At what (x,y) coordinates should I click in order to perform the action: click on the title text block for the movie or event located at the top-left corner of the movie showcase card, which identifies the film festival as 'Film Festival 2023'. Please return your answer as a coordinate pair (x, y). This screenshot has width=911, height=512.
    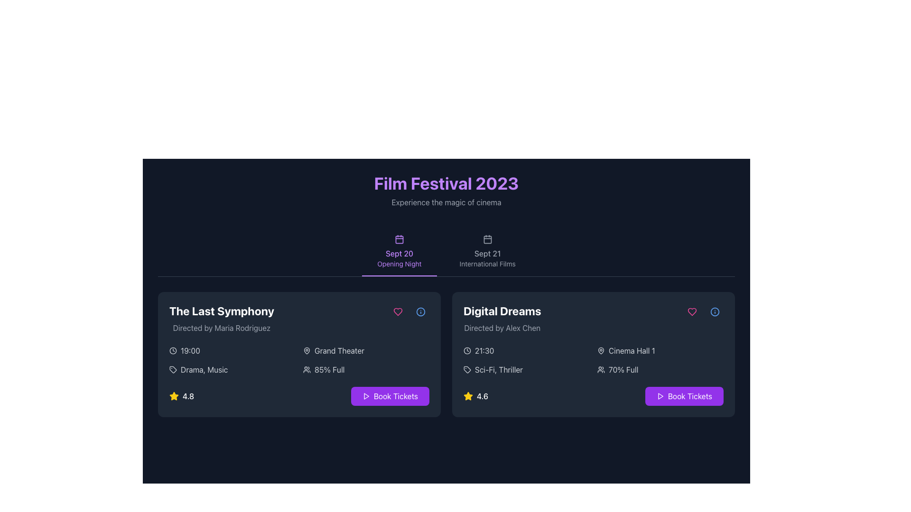
    Looking at the image, I should click on (221, 311).